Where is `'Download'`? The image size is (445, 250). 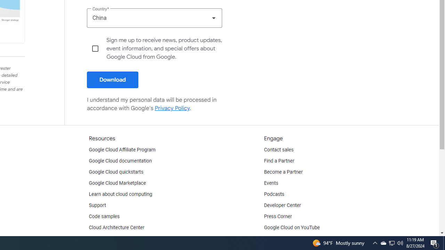 'Download' is located at coordinates (113, 80).